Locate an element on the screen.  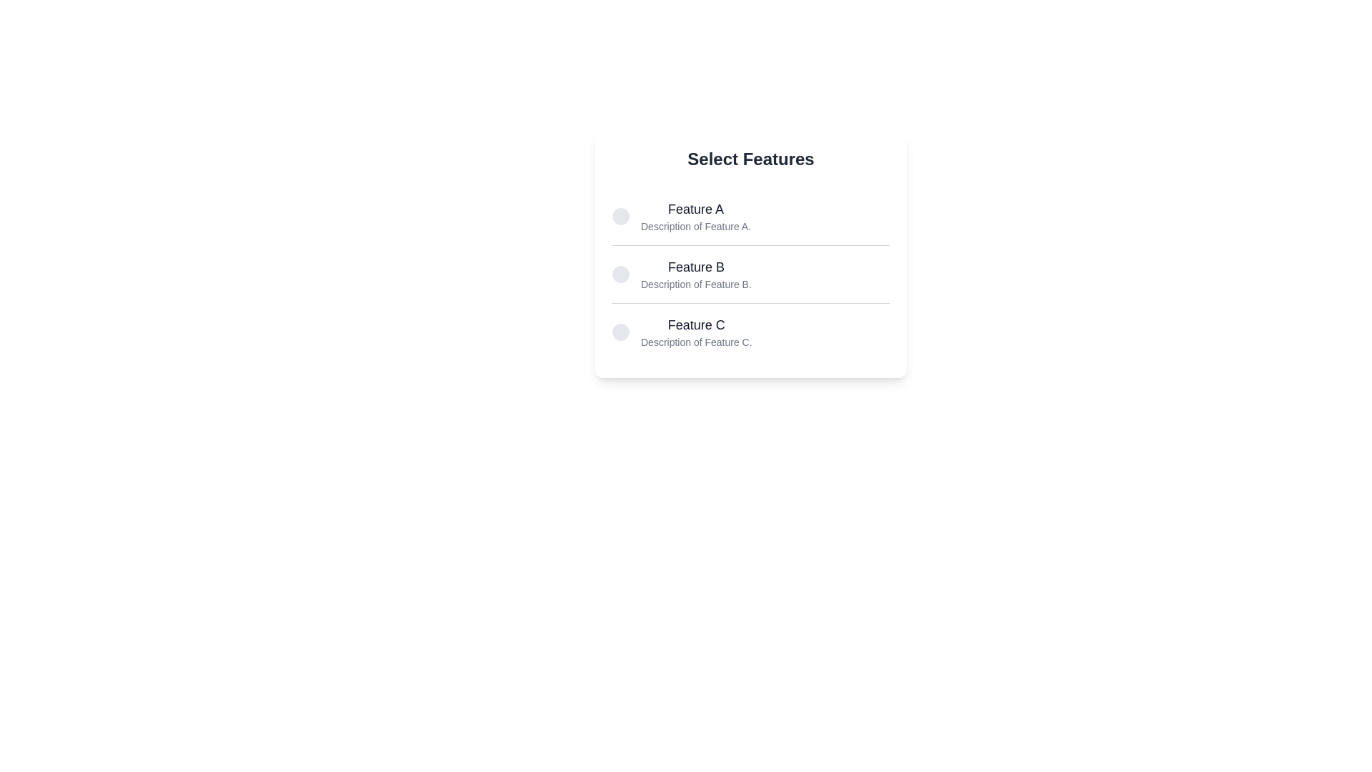
the first feature Text label with a descriptive subtext in the vertical list of features is located at coordinates (696, 217).